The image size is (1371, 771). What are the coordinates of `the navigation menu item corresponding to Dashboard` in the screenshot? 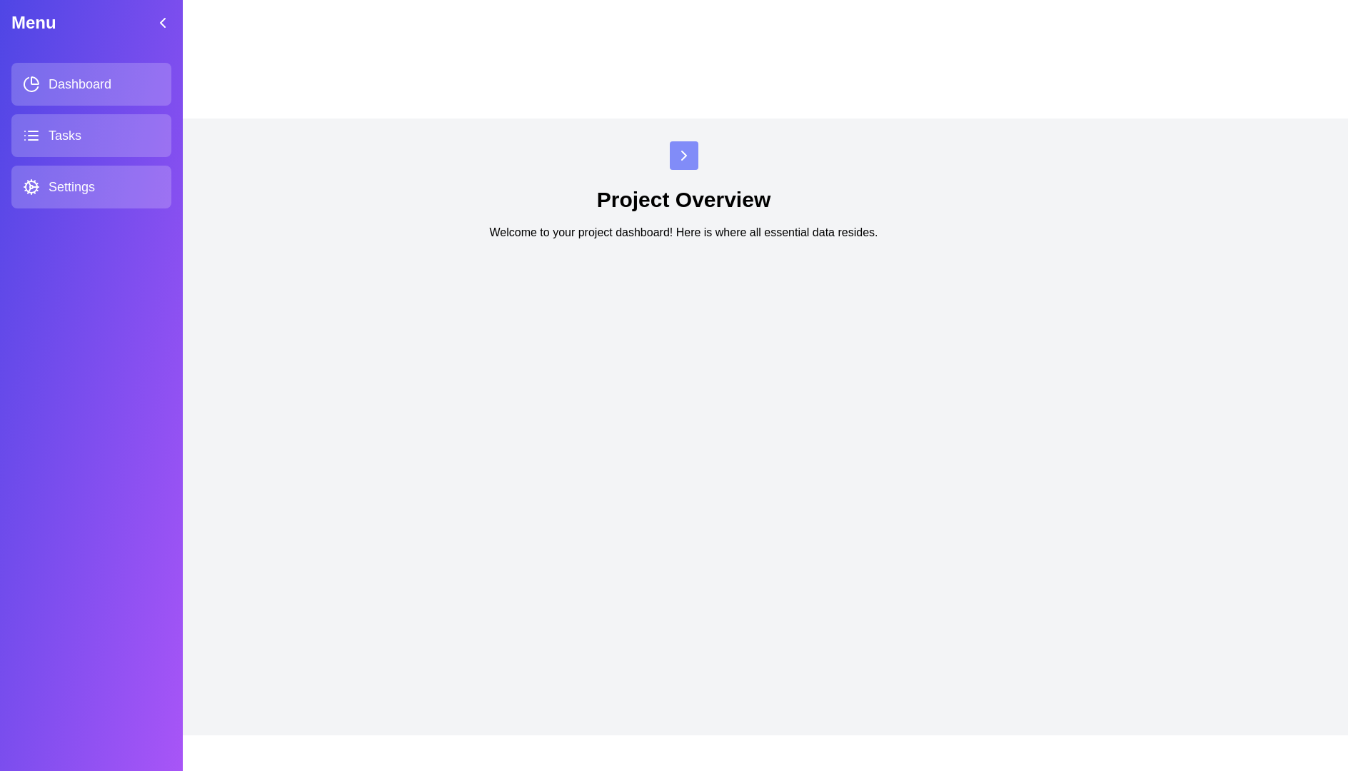 It's located at (91, 84).